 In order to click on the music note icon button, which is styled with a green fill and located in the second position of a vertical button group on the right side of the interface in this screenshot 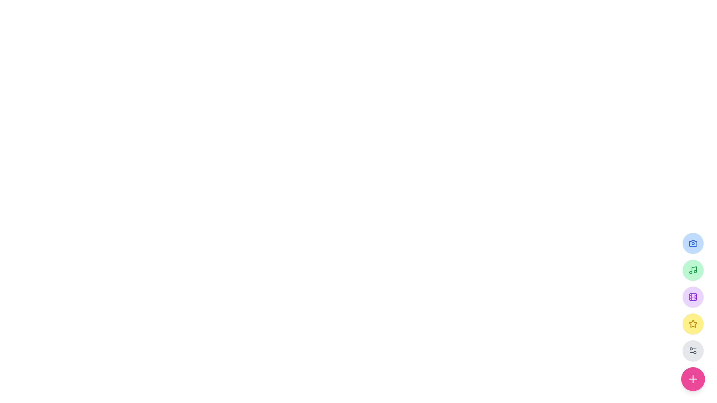, I will do `click(693, 270)`.